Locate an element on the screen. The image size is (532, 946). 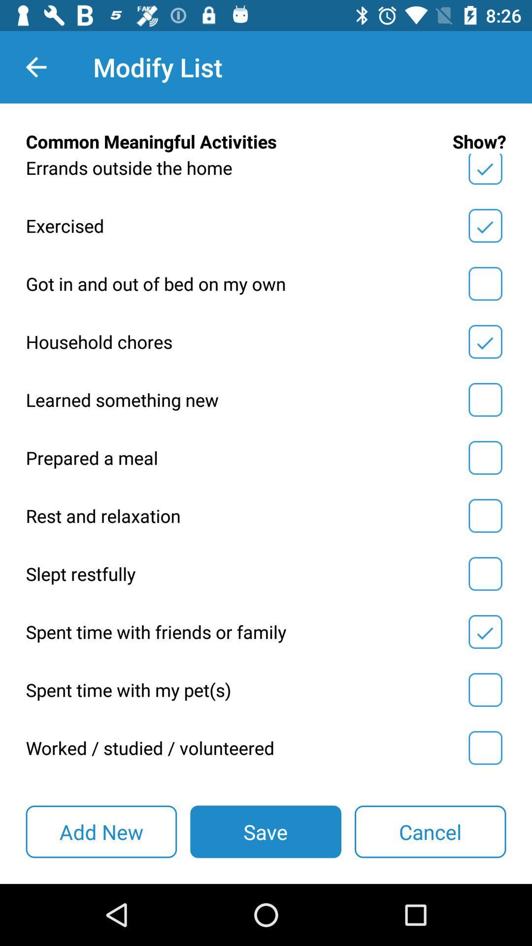
option selected is located at coordinates (485, 341).